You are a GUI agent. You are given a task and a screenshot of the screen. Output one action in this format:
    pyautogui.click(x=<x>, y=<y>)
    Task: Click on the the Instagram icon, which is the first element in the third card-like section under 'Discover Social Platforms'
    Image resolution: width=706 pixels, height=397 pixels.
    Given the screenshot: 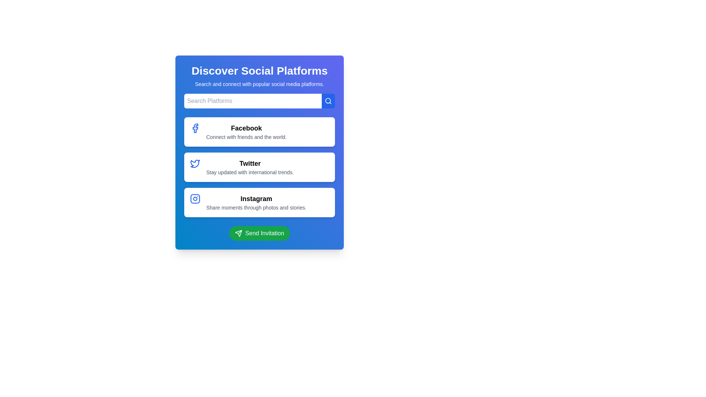 What is the action you would take?
    pyautogui.click(x=195, y=198)
    